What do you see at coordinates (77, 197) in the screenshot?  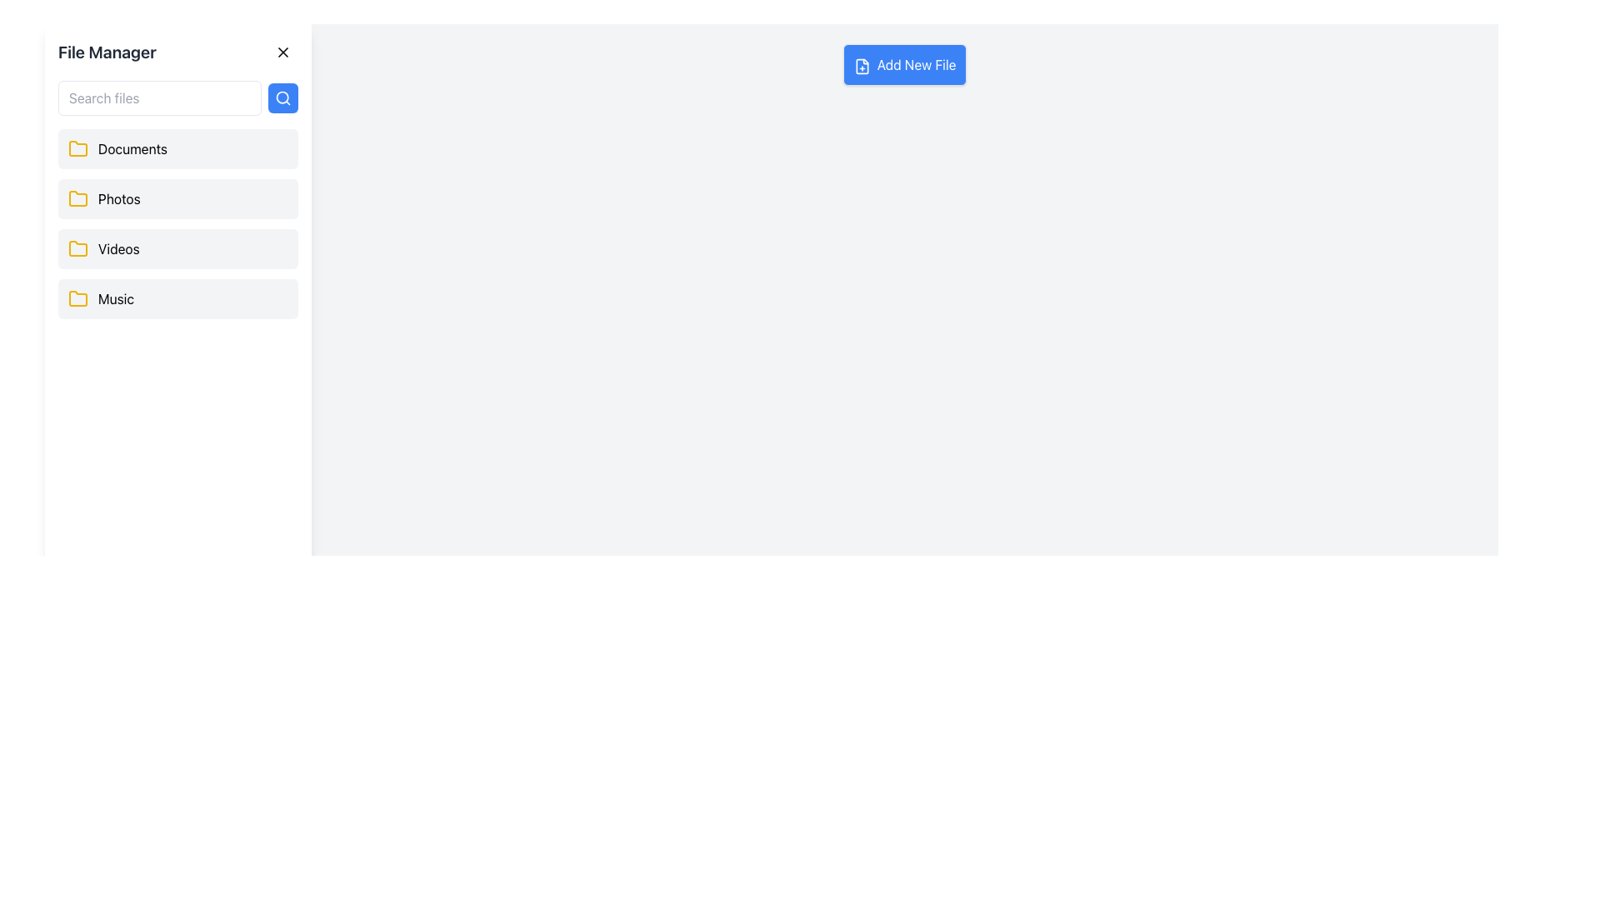 I see `the yellow folder icon located in the left-side vertical navigation menu, adjacent to the 'Photos' label` at bounding box center [77, 197].